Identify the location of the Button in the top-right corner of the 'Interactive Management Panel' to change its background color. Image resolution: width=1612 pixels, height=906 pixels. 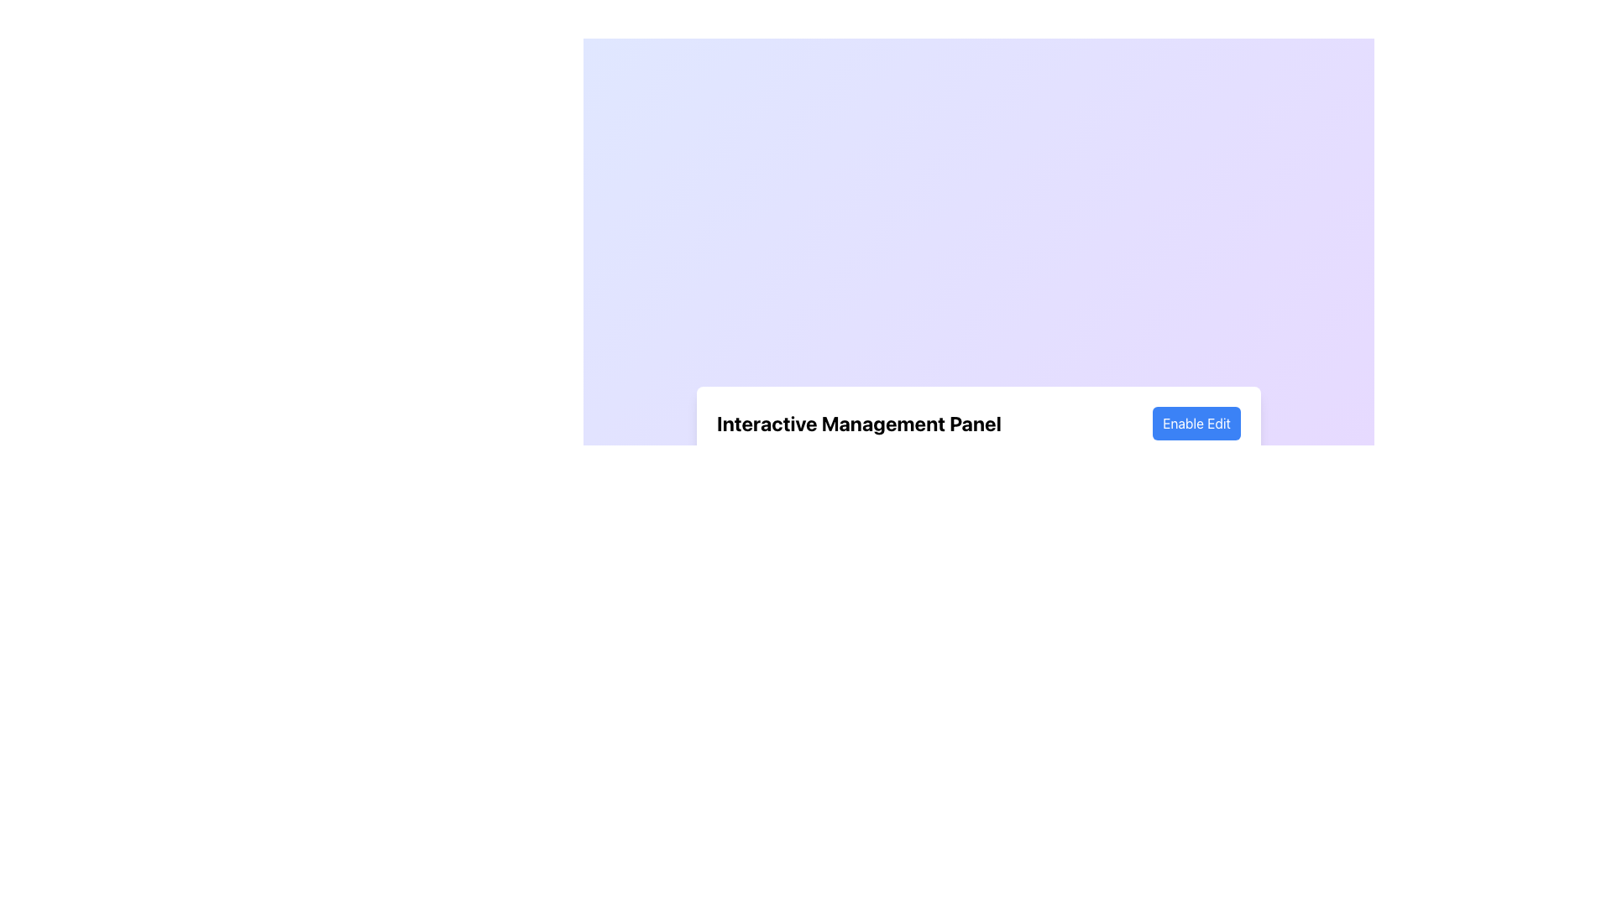
(1196, 423).